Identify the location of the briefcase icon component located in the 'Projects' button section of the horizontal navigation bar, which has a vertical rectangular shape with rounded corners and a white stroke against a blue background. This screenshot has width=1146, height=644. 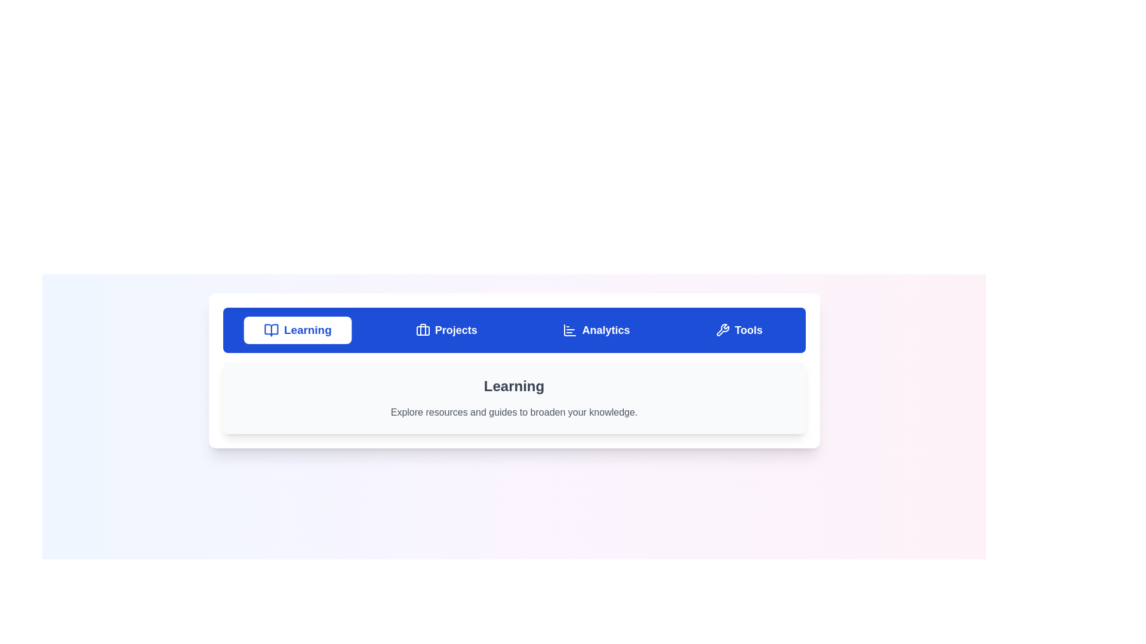
(423, 329).